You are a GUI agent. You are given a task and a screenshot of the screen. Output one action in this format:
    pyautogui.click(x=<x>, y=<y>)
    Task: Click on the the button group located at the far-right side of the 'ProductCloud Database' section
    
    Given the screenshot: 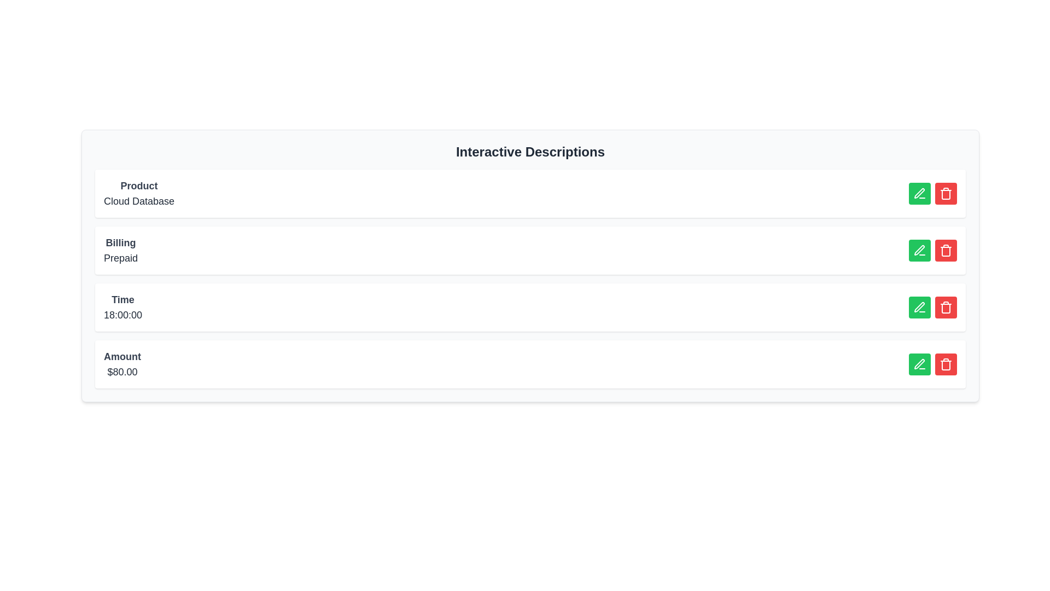 What is the action you would take?
    pyautogui.click(x=932, y=193)
    